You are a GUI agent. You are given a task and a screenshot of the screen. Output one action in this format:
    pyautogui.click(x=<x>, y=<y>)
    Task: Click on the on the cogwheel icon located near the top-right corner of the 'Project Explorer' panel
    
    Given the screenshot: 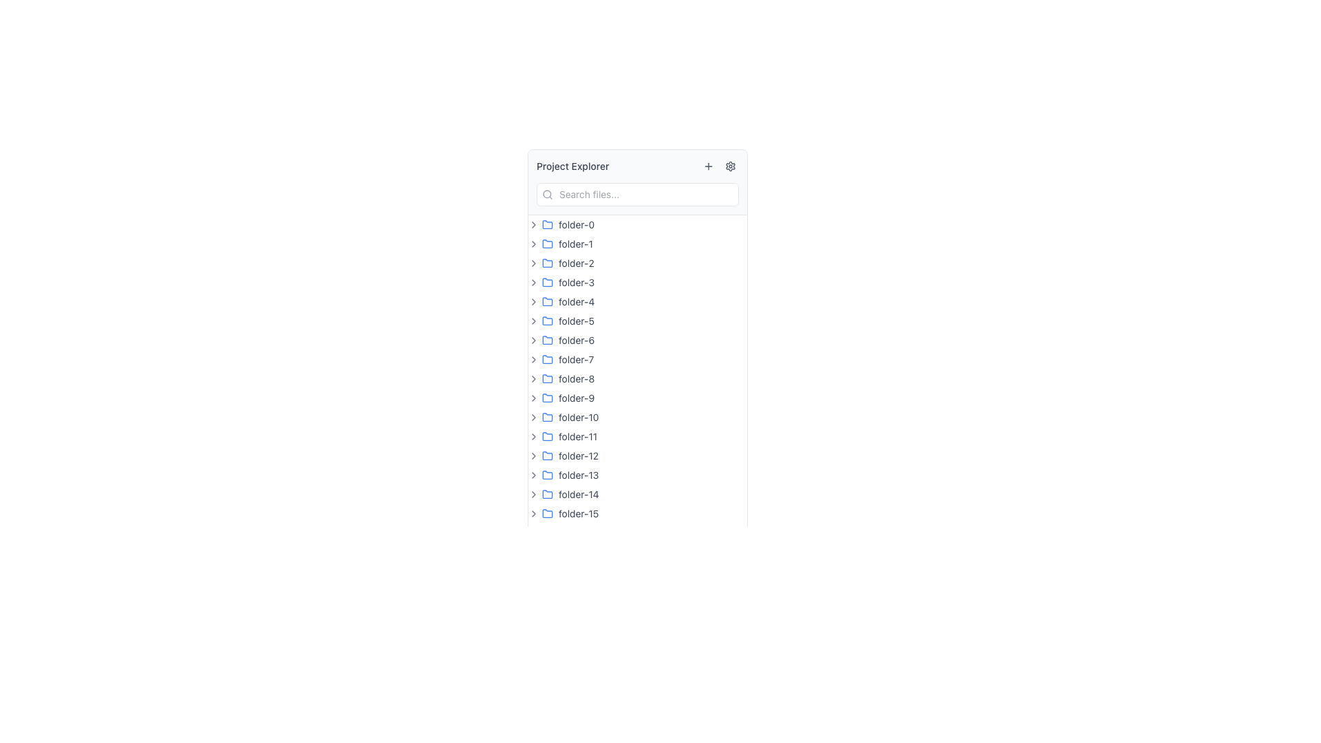 What is the action you would take?
    pyautogui.click(x=729, y=166)
    